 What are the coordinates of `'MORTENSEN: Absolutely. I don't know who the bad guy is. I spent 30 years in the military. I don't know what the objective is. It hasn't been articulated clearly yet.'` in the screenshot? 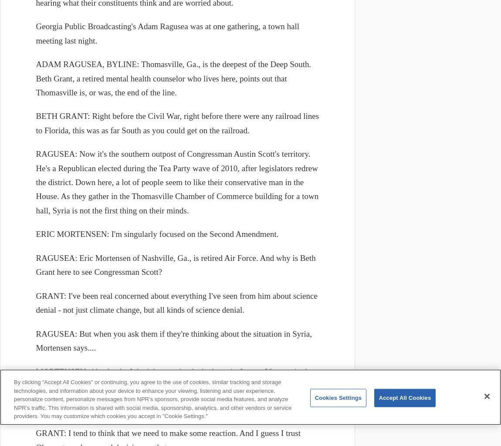 It's located at (174, 378).